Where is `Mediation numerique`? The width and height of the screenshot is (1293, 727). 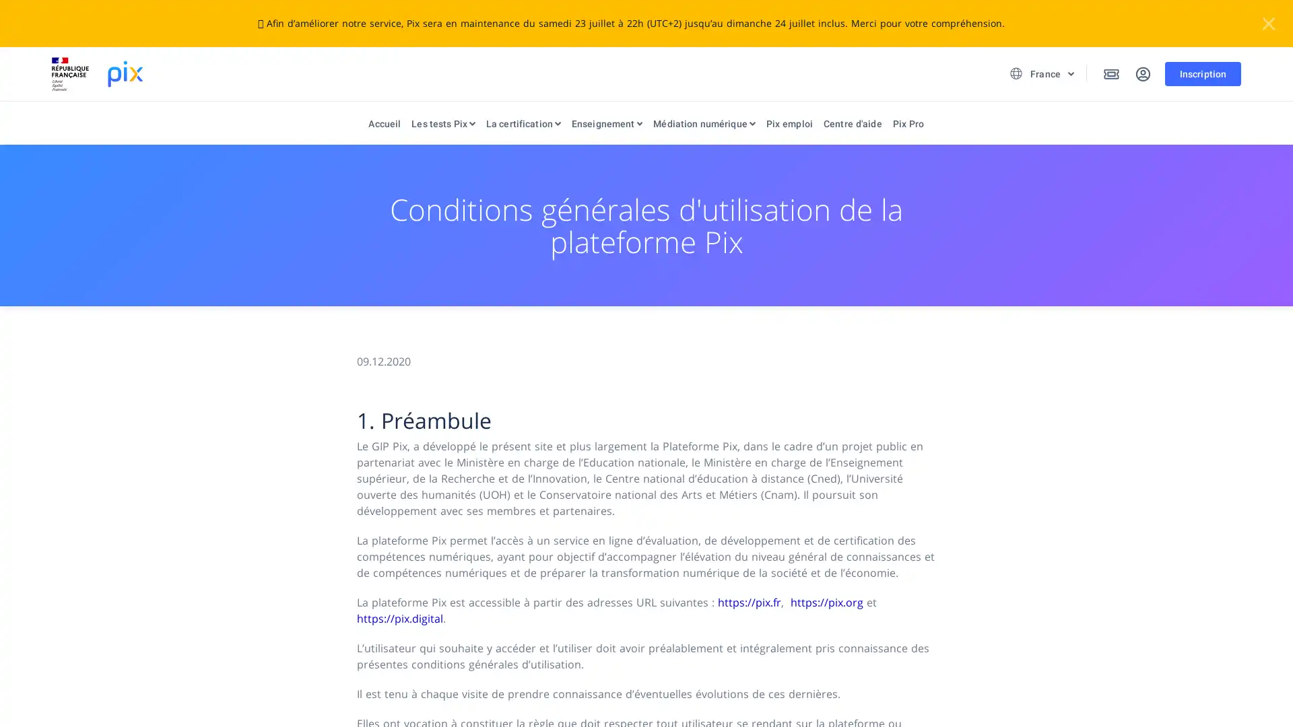
Mediation numerique is located at coordinates (703, 127).